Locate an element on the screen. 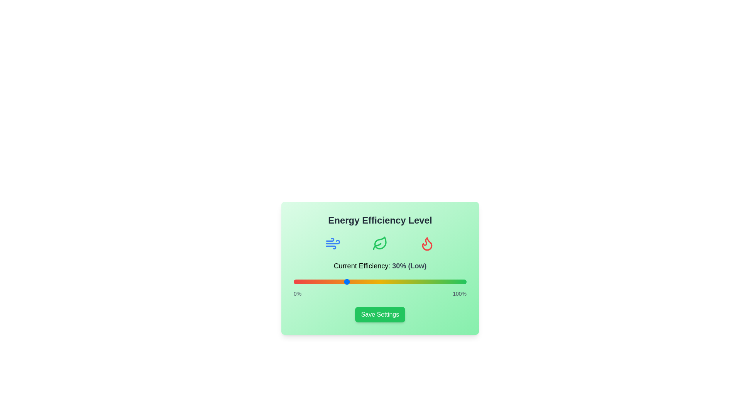 Image resolution: width=741 pixels, height=417 pixels. the icon representing Wind is located at coordinates (333, 244).